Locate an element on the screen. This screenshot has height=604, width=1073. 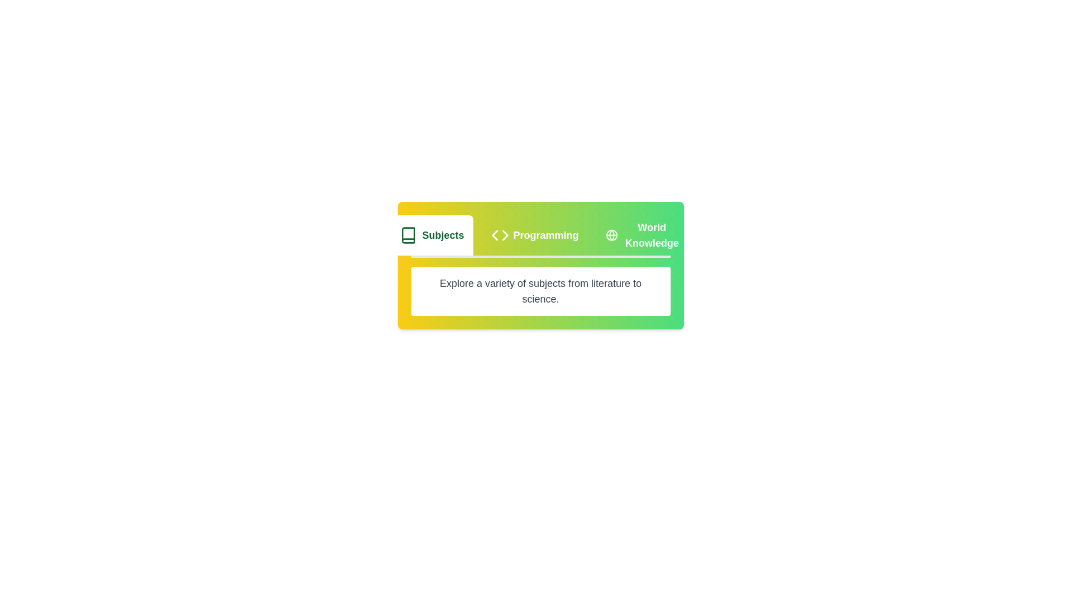
the text in the content area and copy it to the clipboard is located at coordinates (540, 290).